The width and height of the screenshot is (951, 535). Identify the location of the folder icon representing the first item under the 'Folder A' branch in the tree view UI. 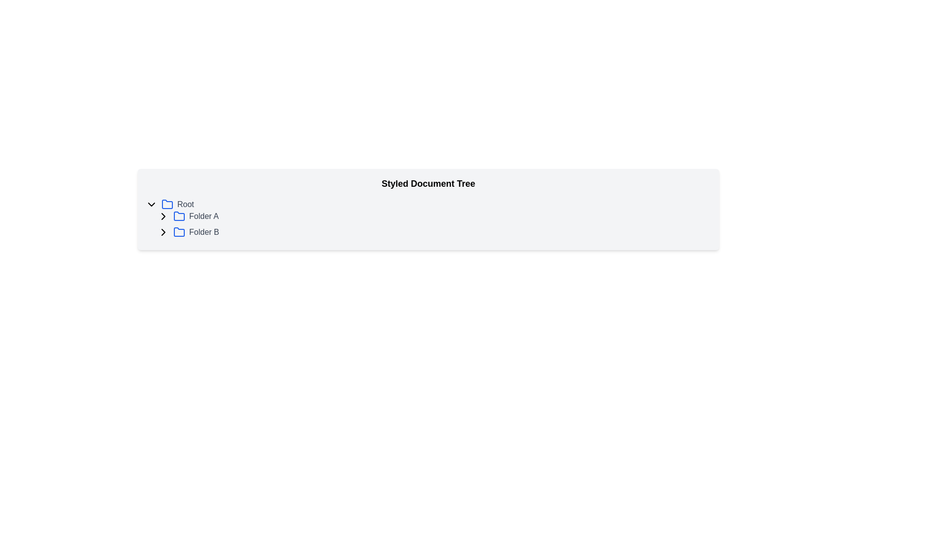
(179, 215).